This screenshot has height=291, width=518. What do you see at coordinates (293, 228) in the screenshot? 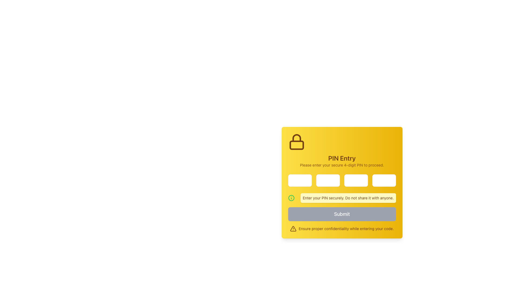
I see `the cautionary alert icon located at the beginning of the cautionary text block` at bounding box center [293, 228].